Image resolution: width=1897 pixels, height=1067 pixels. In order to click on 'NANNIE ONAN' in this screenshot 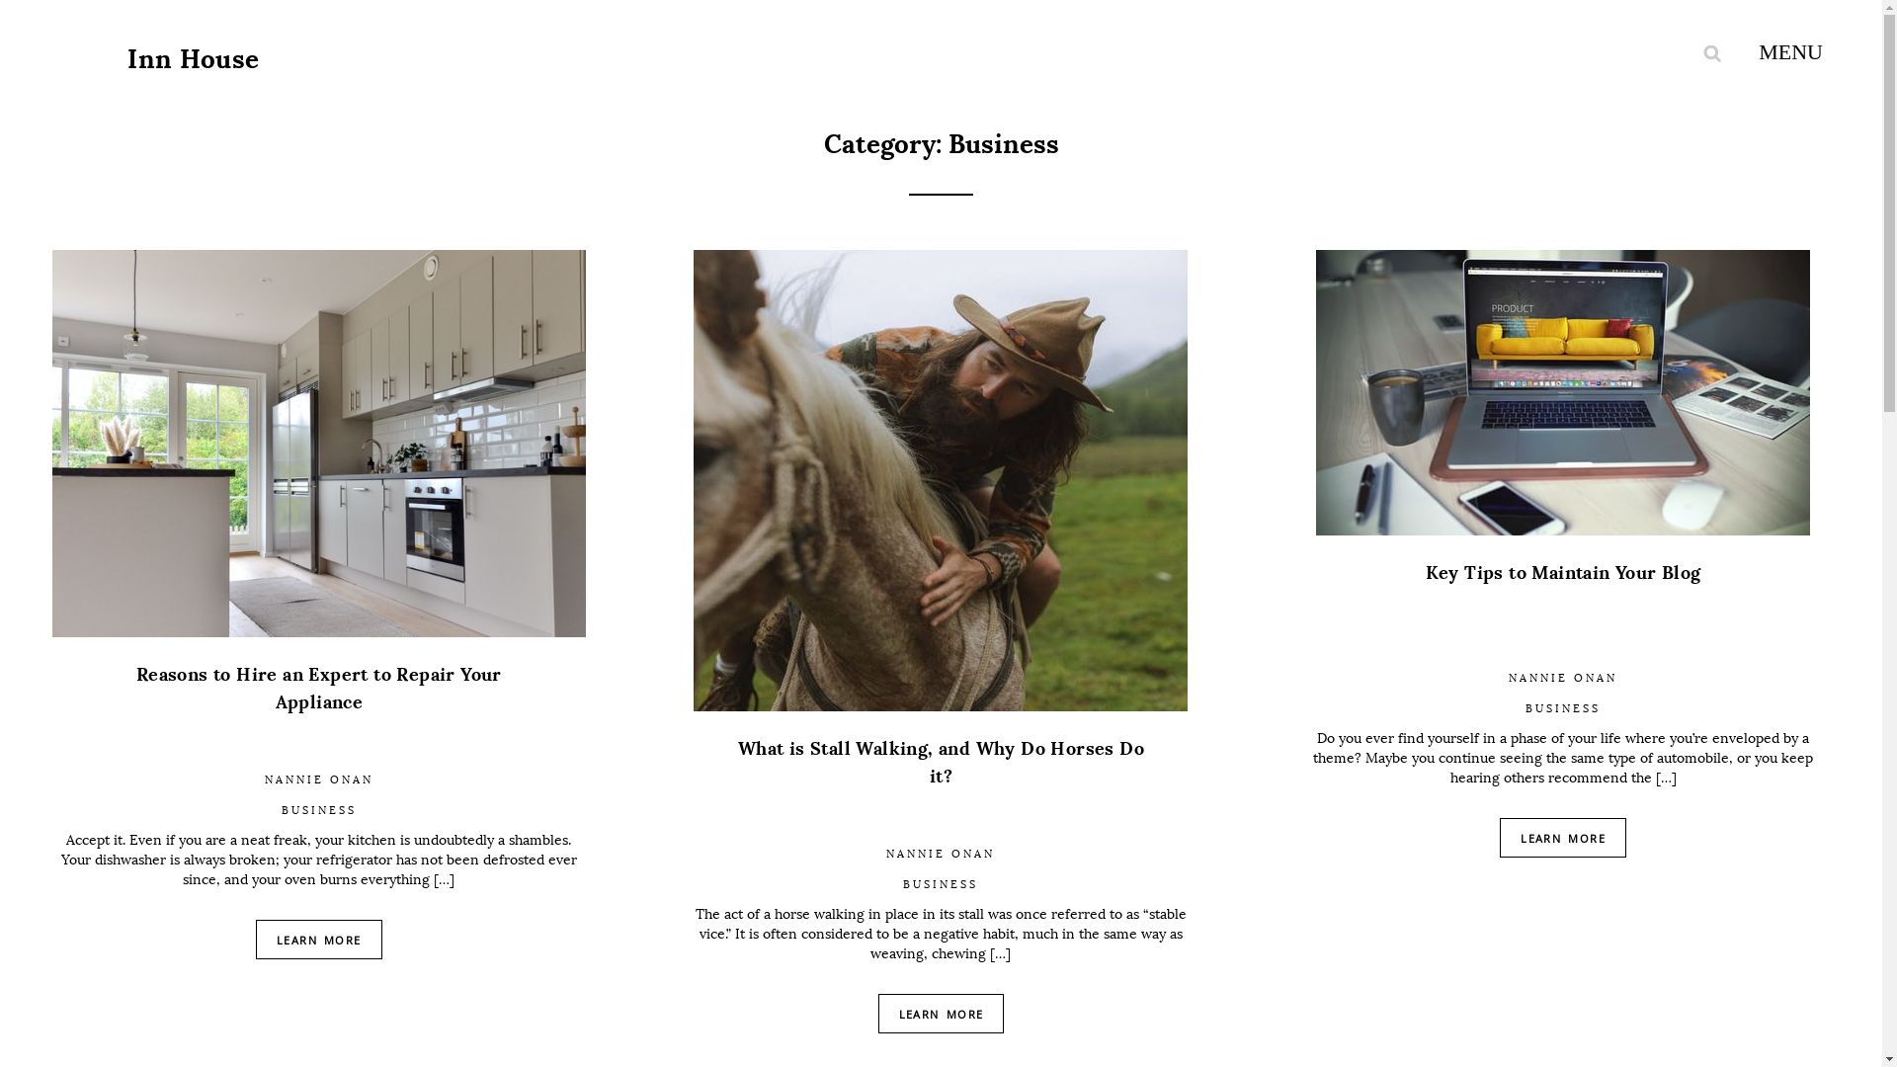, I will do `click(1562, 677)`.